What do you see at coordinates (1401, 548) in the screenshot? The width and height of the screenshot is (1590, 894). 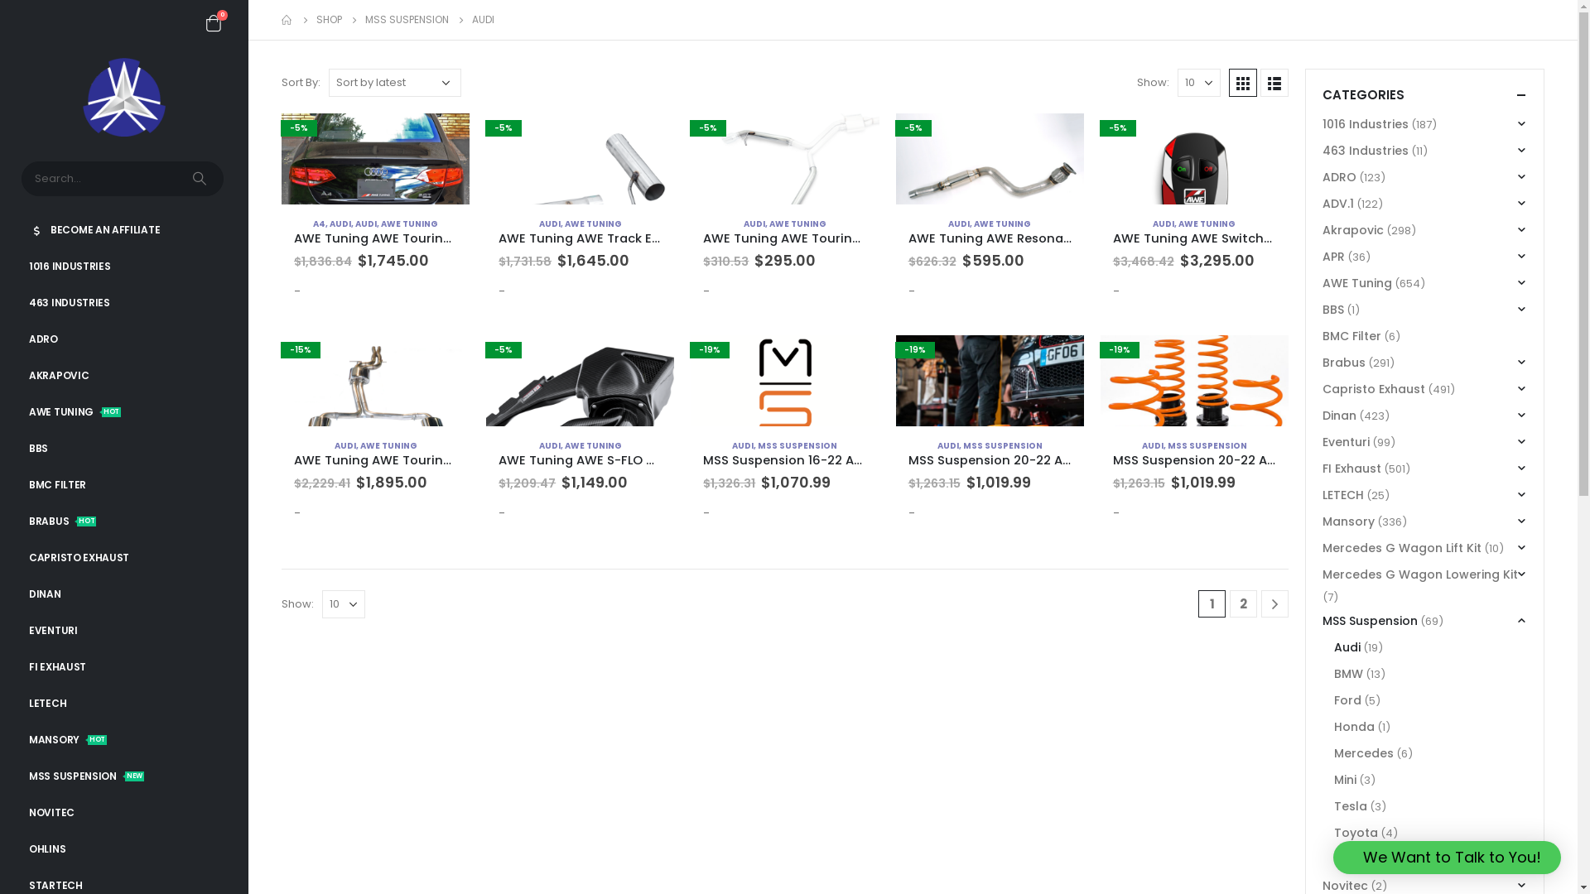 I see `'Mercedes G Wagon Lift Kit'` at bounding box center [1401, 548].